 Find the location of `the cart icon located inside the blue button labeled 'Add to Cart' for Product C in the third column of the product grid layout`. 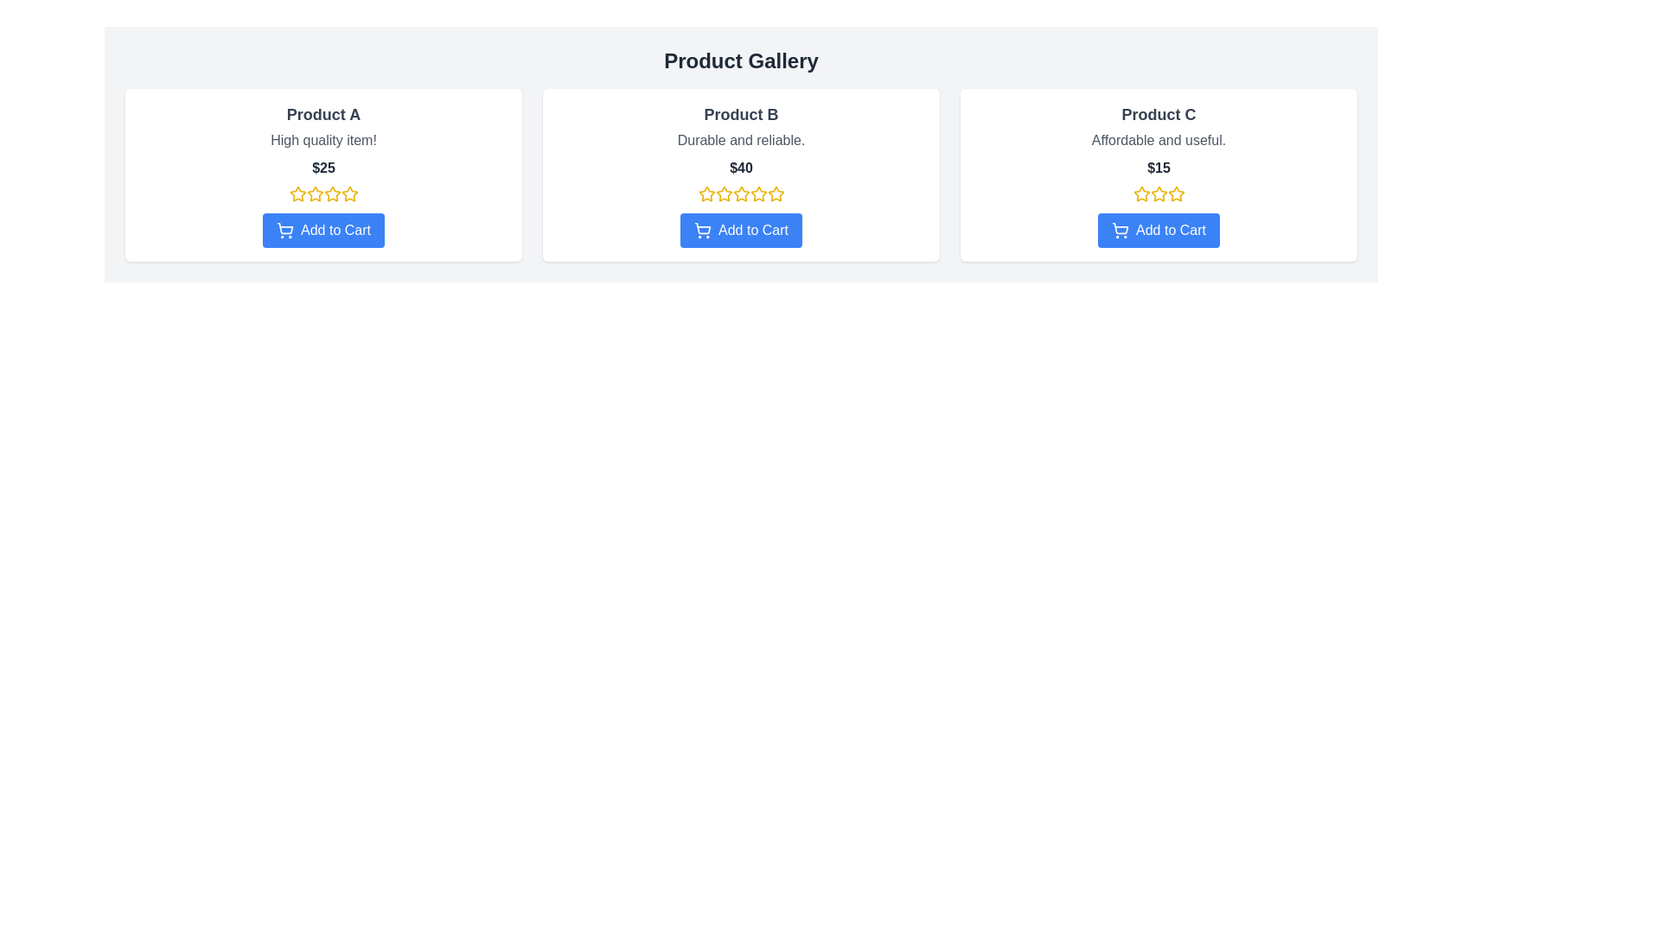

the cart icon located inside the blue button labeled 'Add to Cart' for Product C in the third column of the product grid layout is located at coordinates (1120, 227).